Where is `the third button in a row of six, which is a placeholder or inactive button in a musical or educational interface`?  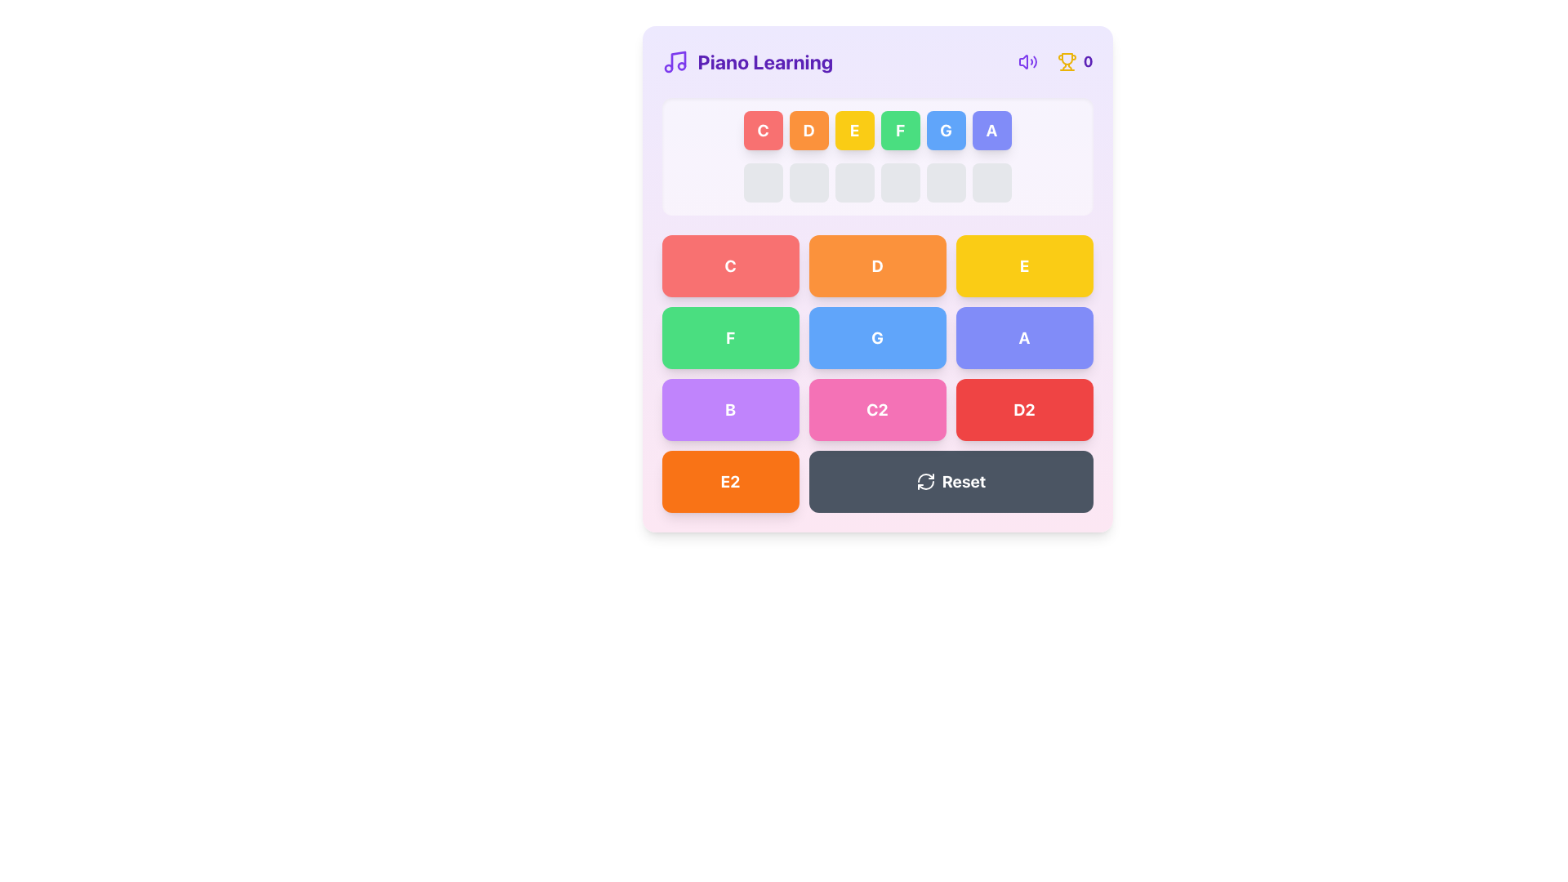 the third button in a row of six, which is a placeholder or inactive button in a musical or educational interface is located at coordinates (853, 182).